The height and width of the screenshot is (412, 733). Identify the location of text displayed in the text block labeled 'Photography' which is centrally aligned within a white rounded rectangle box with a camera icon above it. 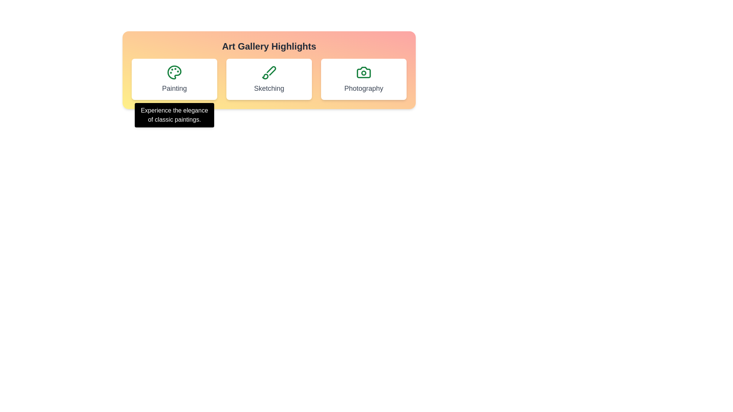
(363, 88).